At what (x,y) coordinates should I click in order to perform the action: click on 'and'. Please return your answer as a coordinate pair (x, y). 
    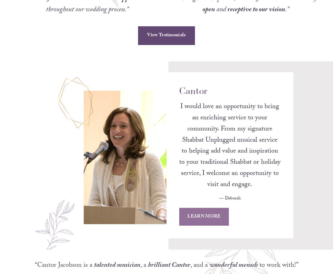
    Looking at the image, I should click on (214, 18).